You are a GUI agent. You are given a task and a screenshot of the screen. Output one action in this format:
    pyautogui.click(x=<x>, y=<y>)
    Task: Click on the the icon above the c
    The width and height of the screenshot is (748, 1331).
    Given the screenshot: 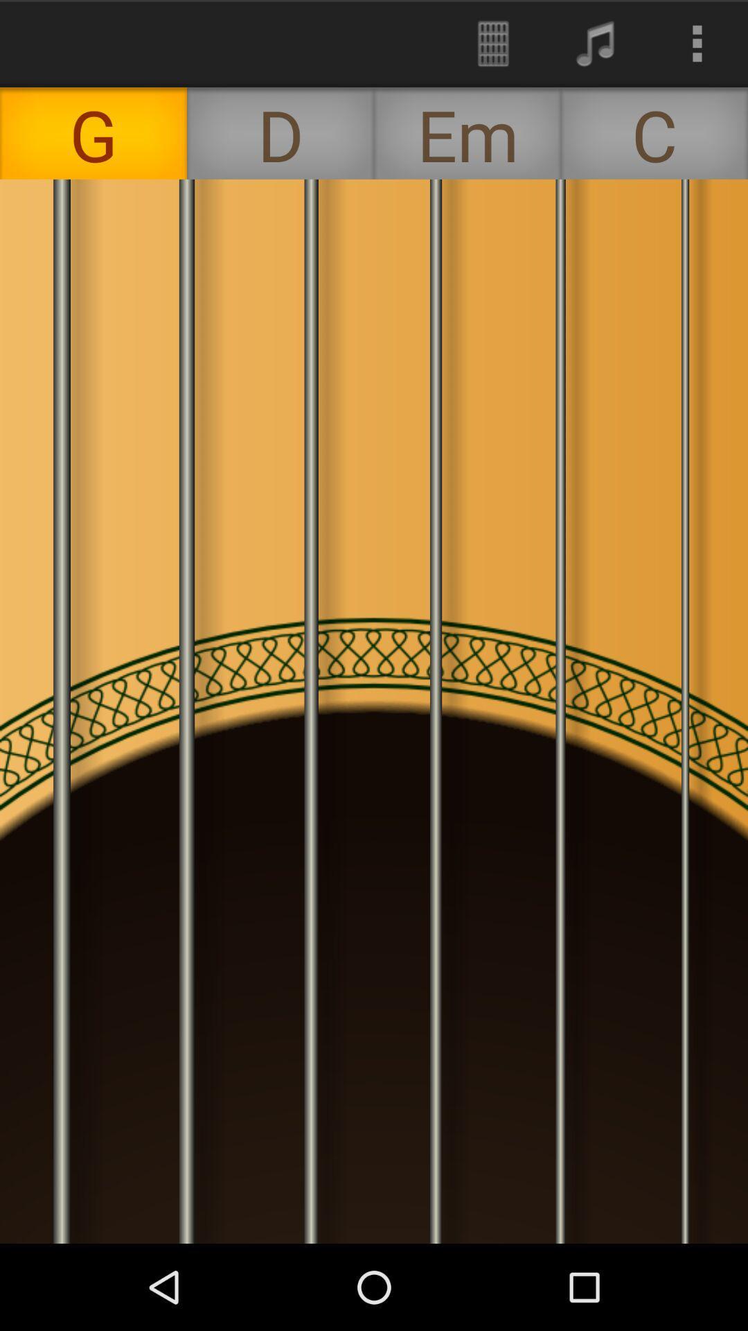 What is the action you would take?
    pyautogui.click(x=697, y=43)
    